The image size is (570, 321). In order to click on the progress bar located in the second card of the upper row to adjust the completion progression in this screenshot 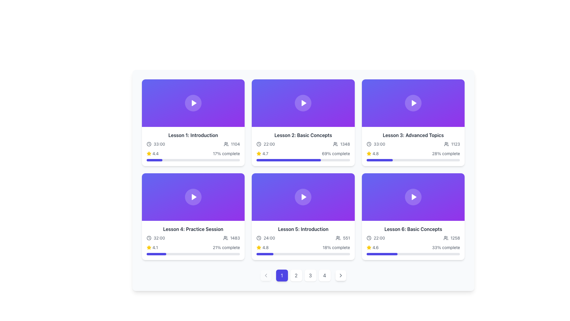, I will do `click(303, 155)`.